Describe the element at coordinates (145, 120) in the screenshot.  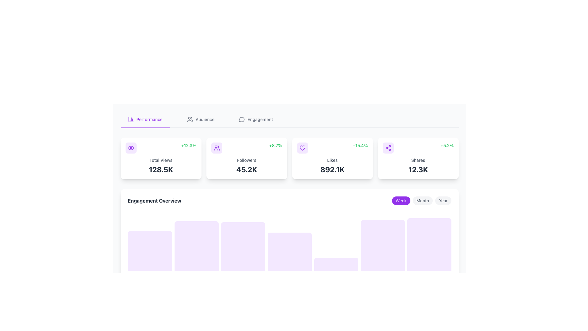
I see `the 'Performance' navigation tab, which is the first tab in the navigation bar, emphasized with a bolder font and purple underline` at that location.